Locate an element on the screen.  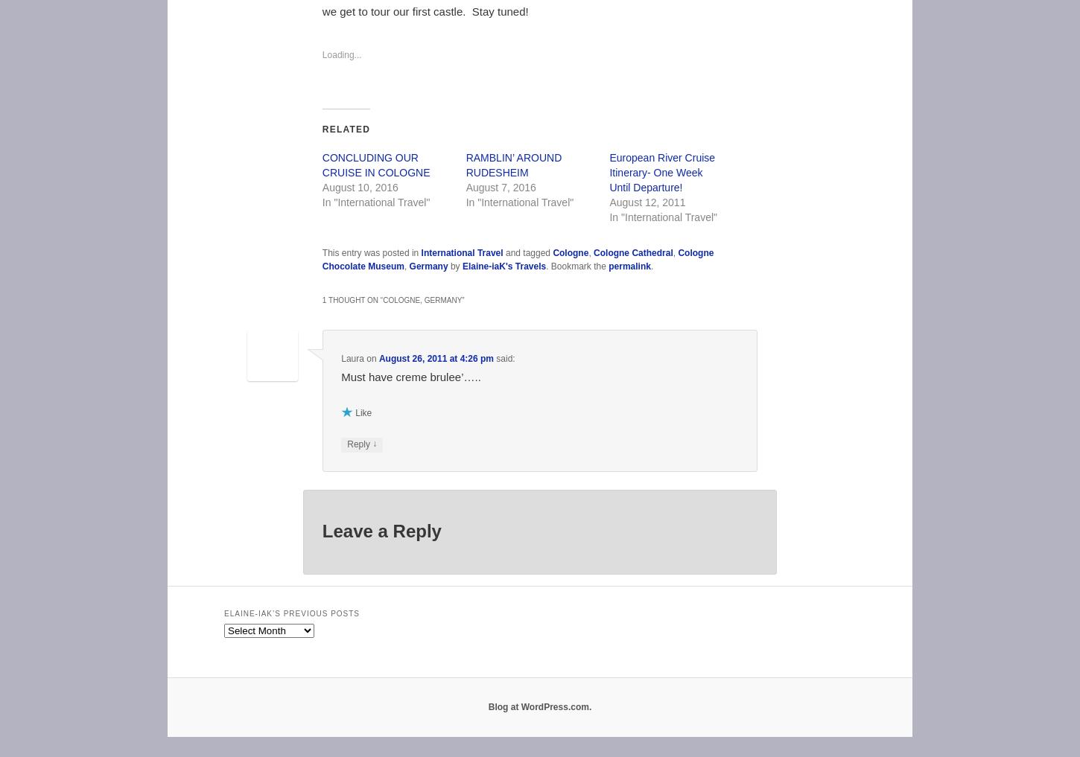
'.' is located at coordinates (650, 264).